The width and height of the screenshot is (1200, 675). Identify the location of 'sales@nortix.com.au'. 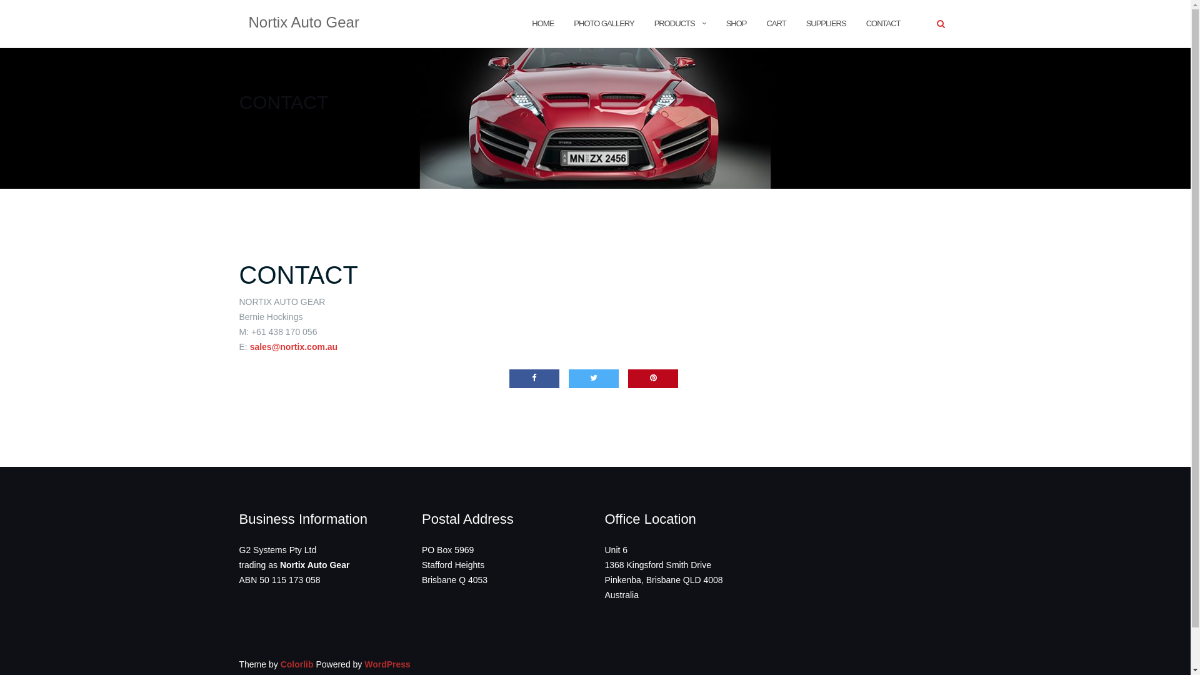
(293, 347).